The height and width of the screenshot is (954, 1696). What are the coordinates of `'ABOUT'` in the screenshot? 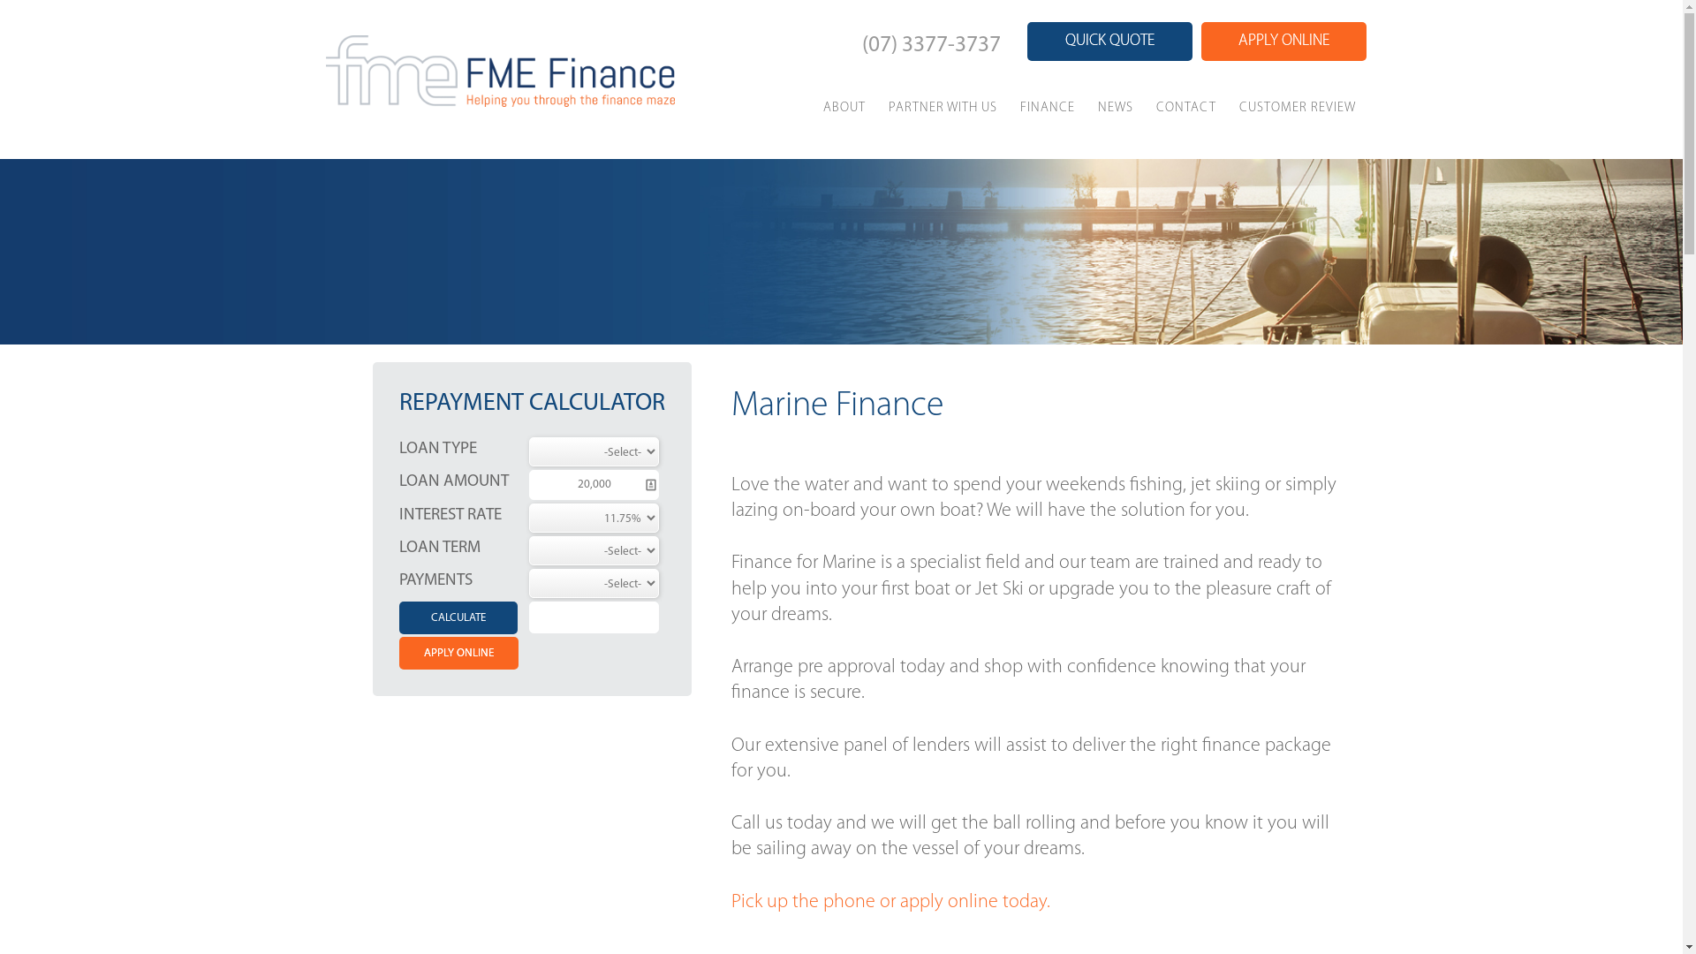 It's located at (843, 105).